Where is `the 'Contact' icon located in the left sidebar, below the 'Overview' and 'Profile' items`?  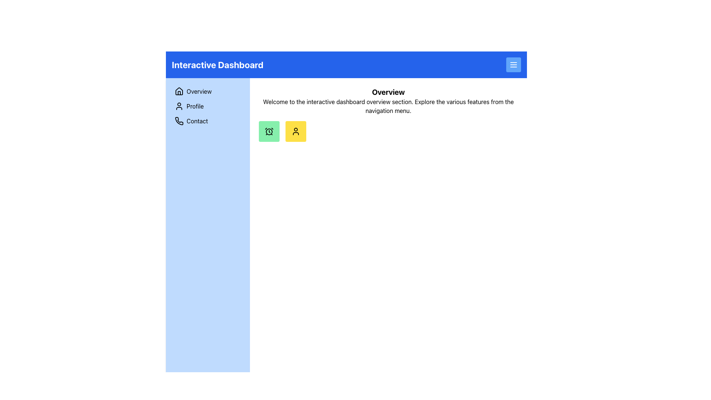
the 'Contact' icon located in the left sidebar, below the 'Overview' and 'Profile' items is located at coordinates (179, 121).